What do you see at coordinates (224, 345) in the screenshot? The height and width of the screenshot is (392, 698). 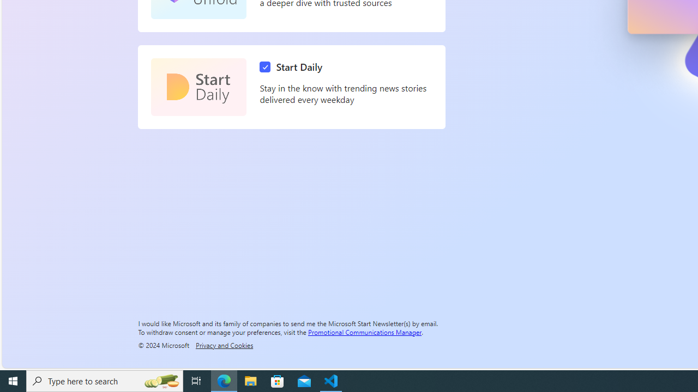 I see `'Privacy and Cookies'` at bounding box center [224, 345].